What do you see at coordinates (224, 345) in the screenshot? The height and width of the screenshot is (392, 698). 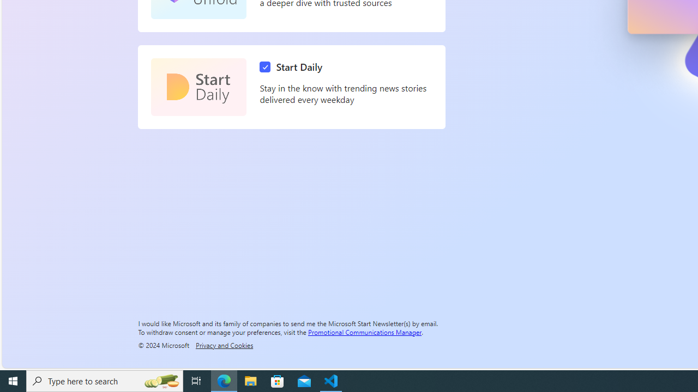 I see `'Privacy and Cookies'` at bounding box center [224, 345].